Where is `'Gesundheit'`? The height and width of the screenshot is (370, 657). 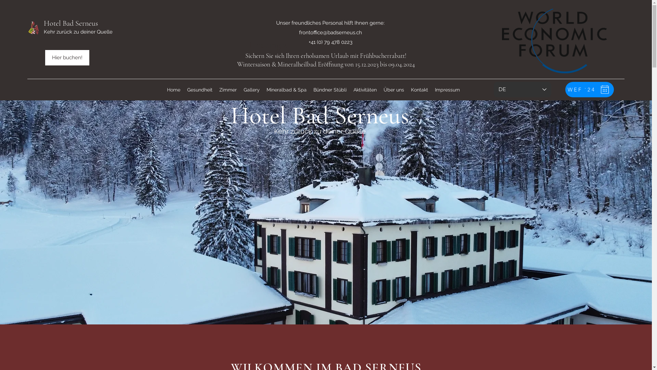
'Gesundheit' is located at coordinates (183, 89).